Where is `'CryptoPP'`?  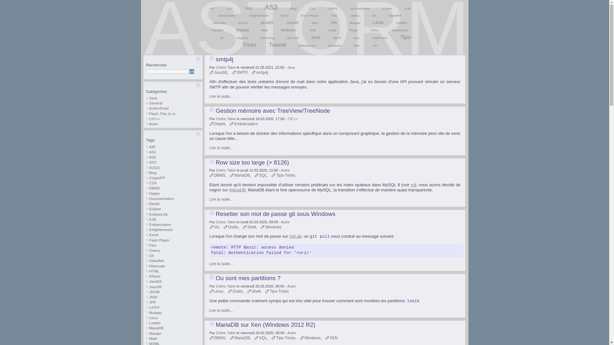
'CryptoPP' is located at coordinates (148, 178).